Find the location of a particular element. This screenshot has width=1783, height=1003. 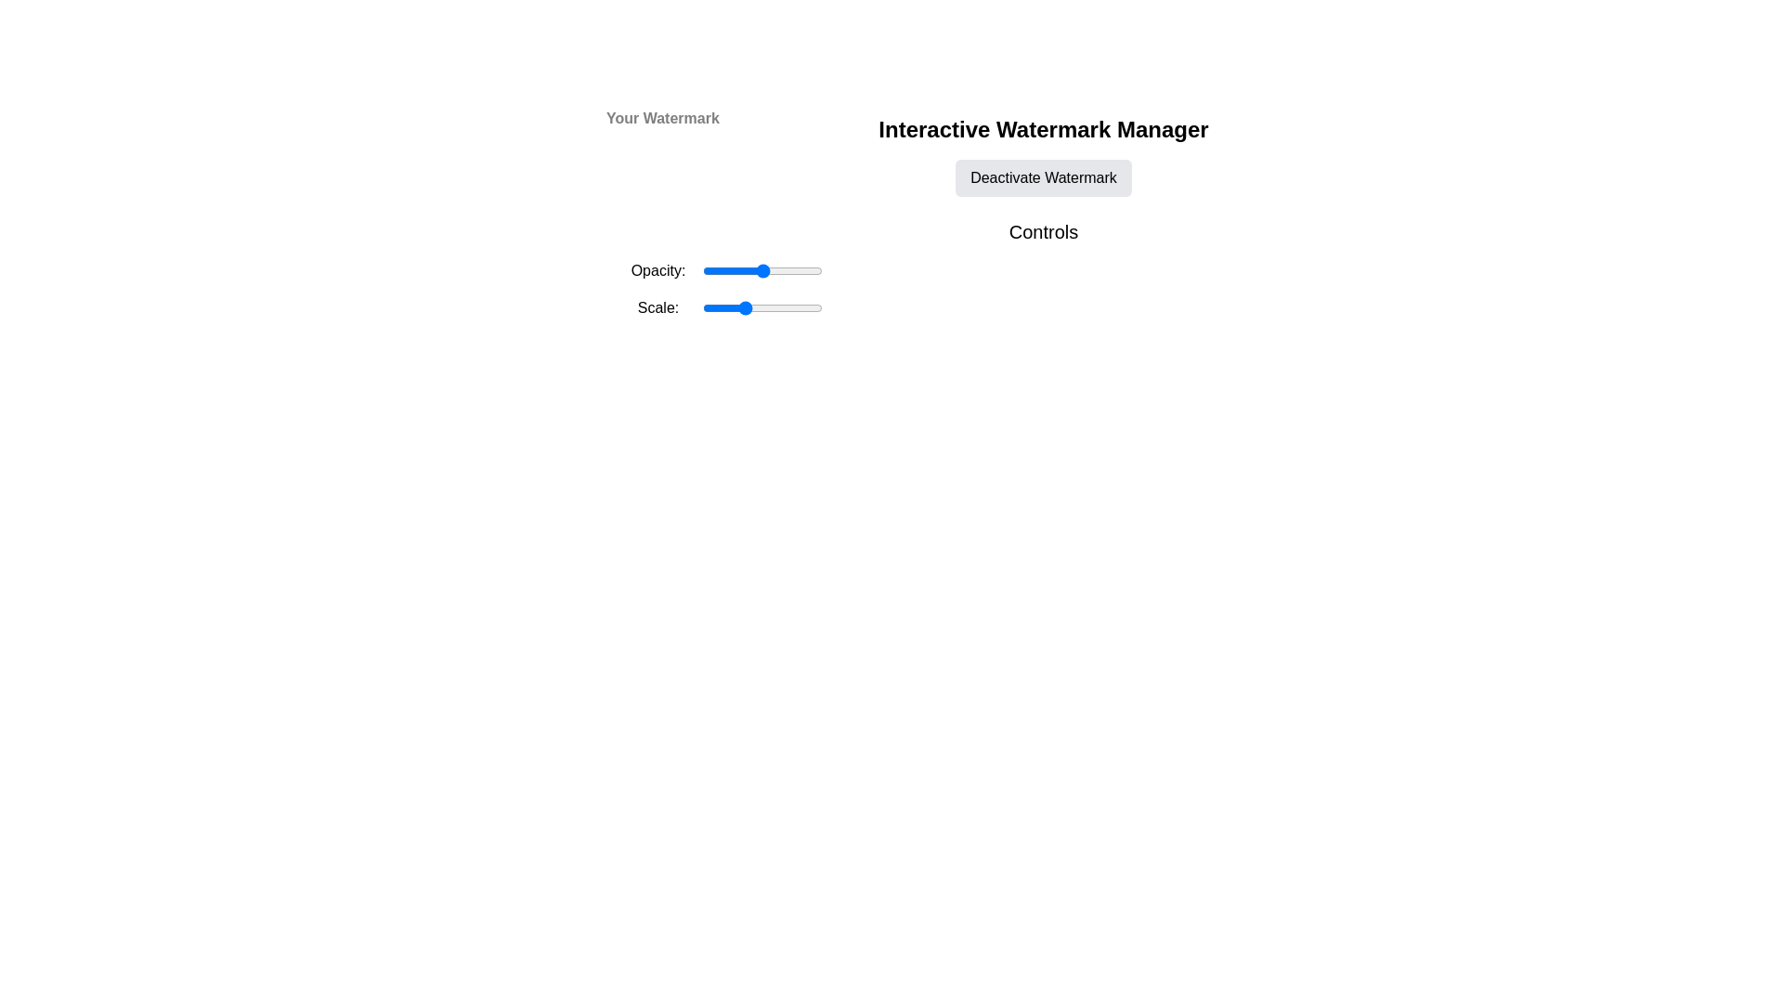

scale is located at coordinates (743, 306).